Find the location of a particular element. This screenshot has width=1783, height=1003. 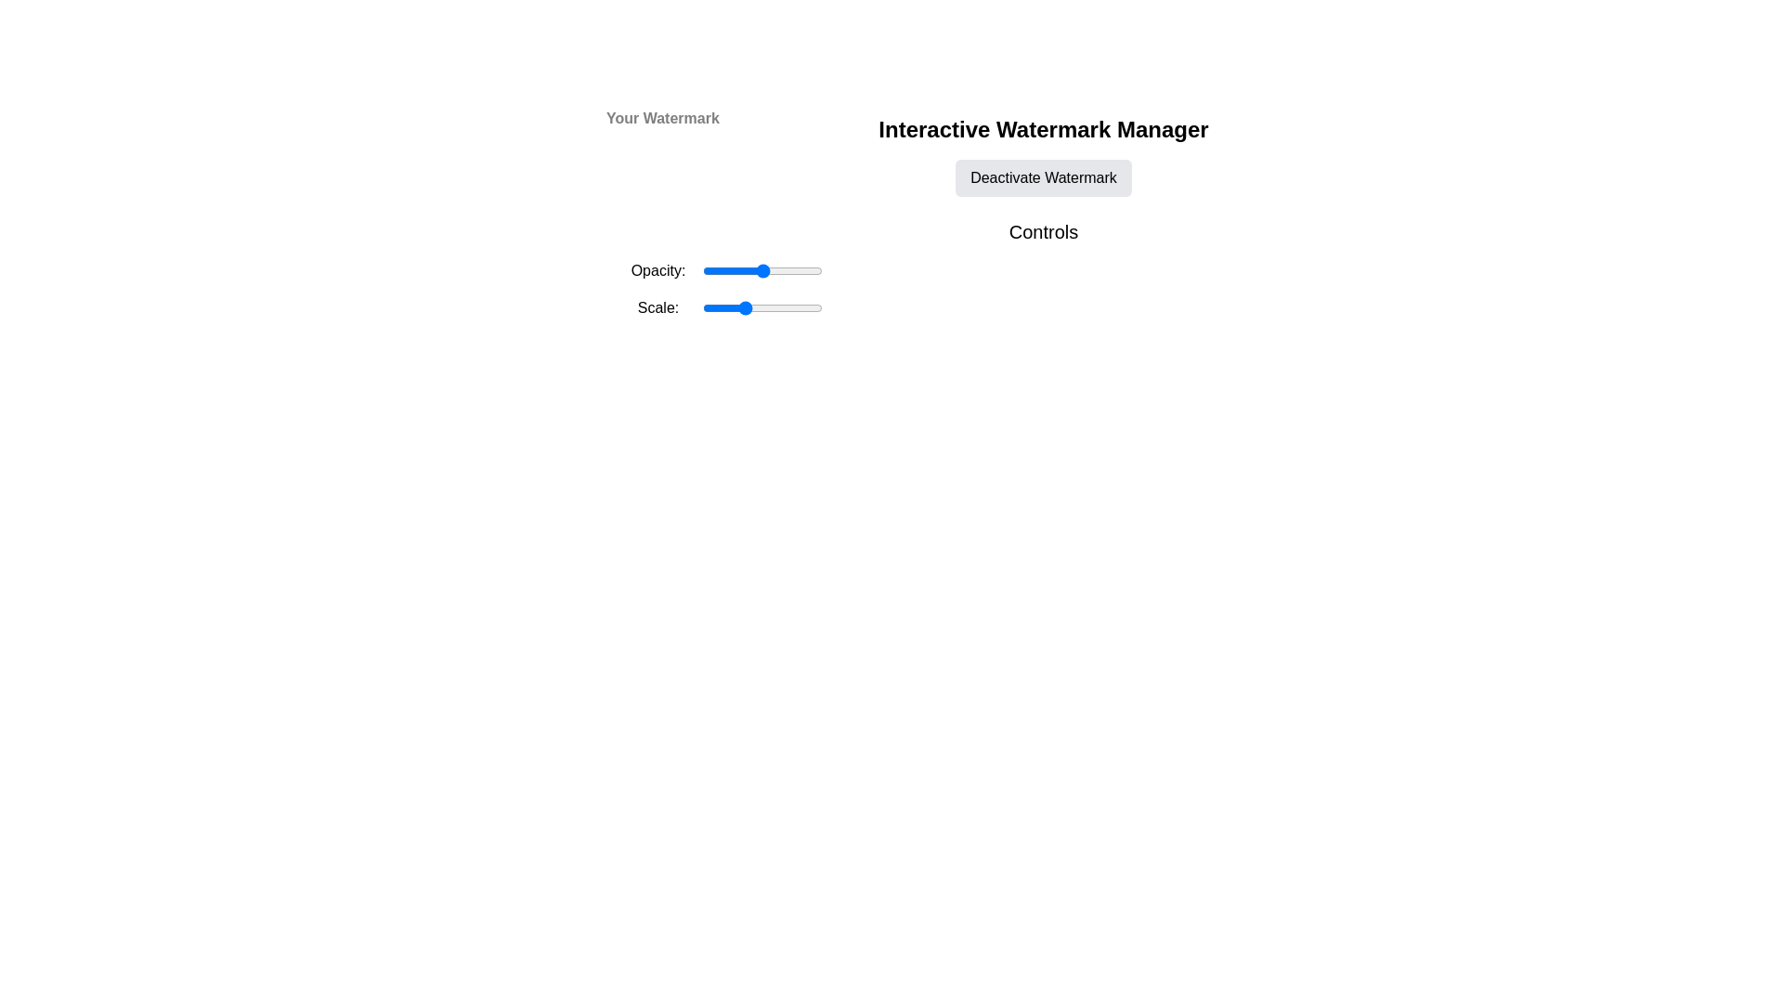

scale is located at coordinates (743, 306).